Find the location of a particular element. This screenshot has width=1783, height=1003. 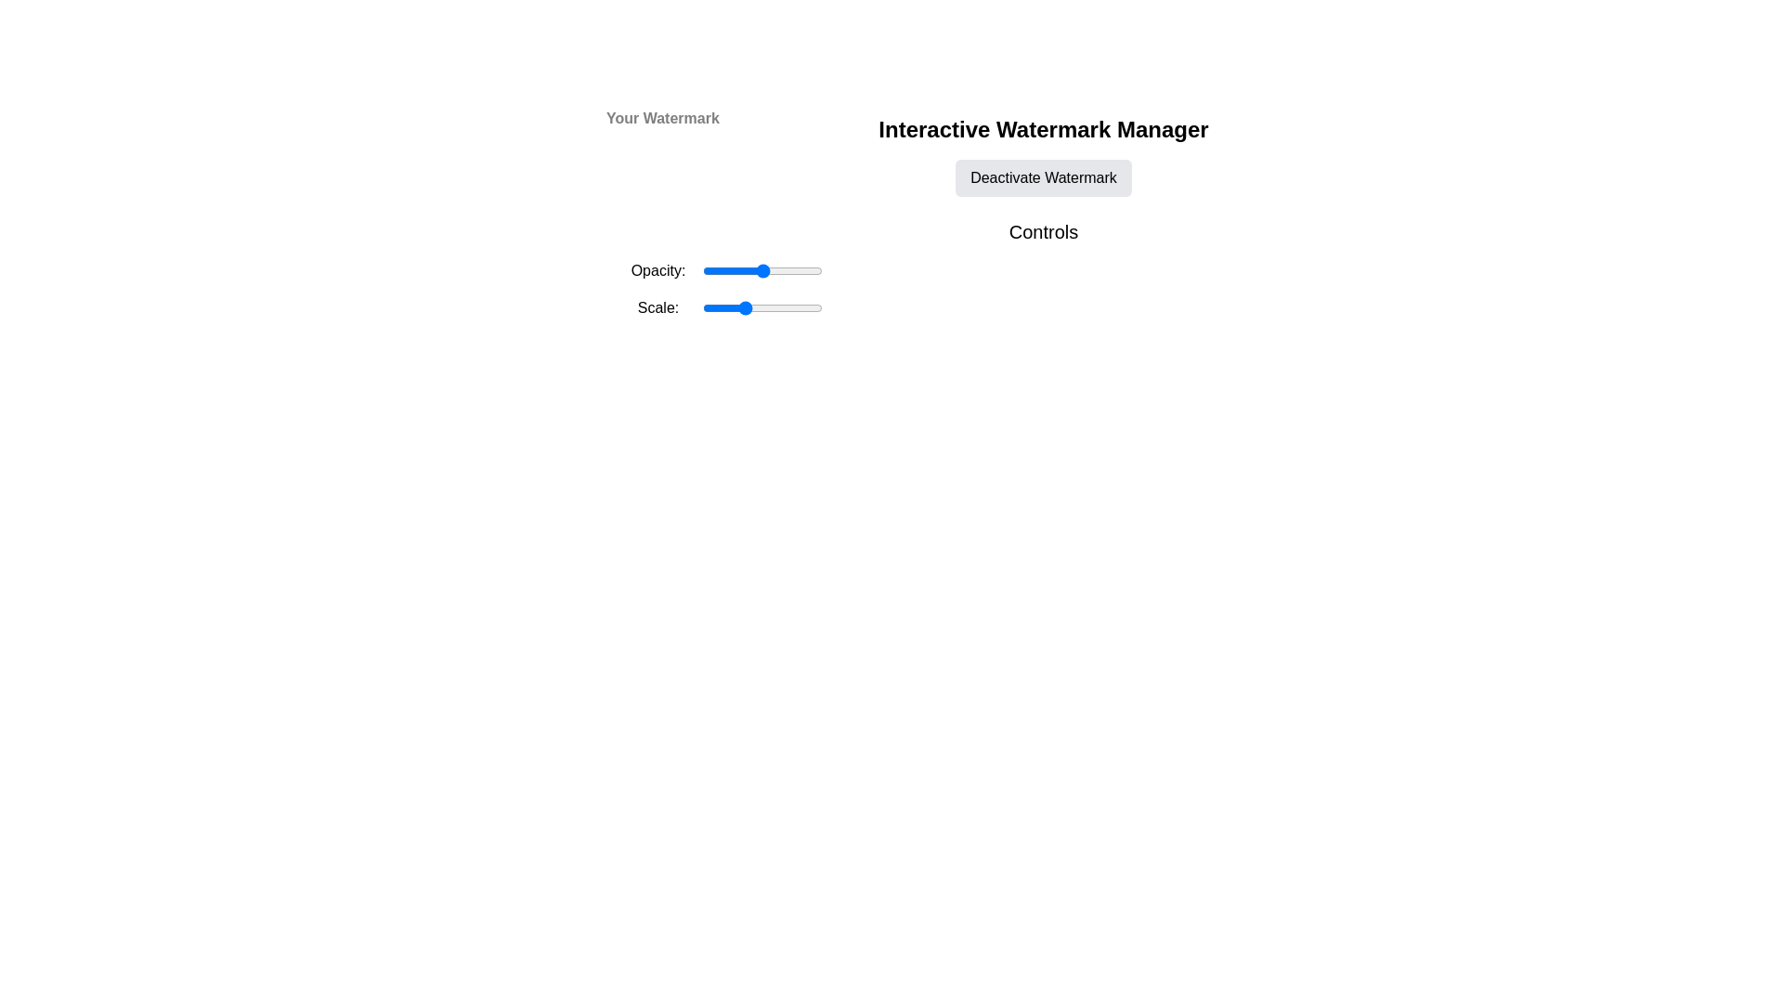

scale is located at coordinates (743, 306).